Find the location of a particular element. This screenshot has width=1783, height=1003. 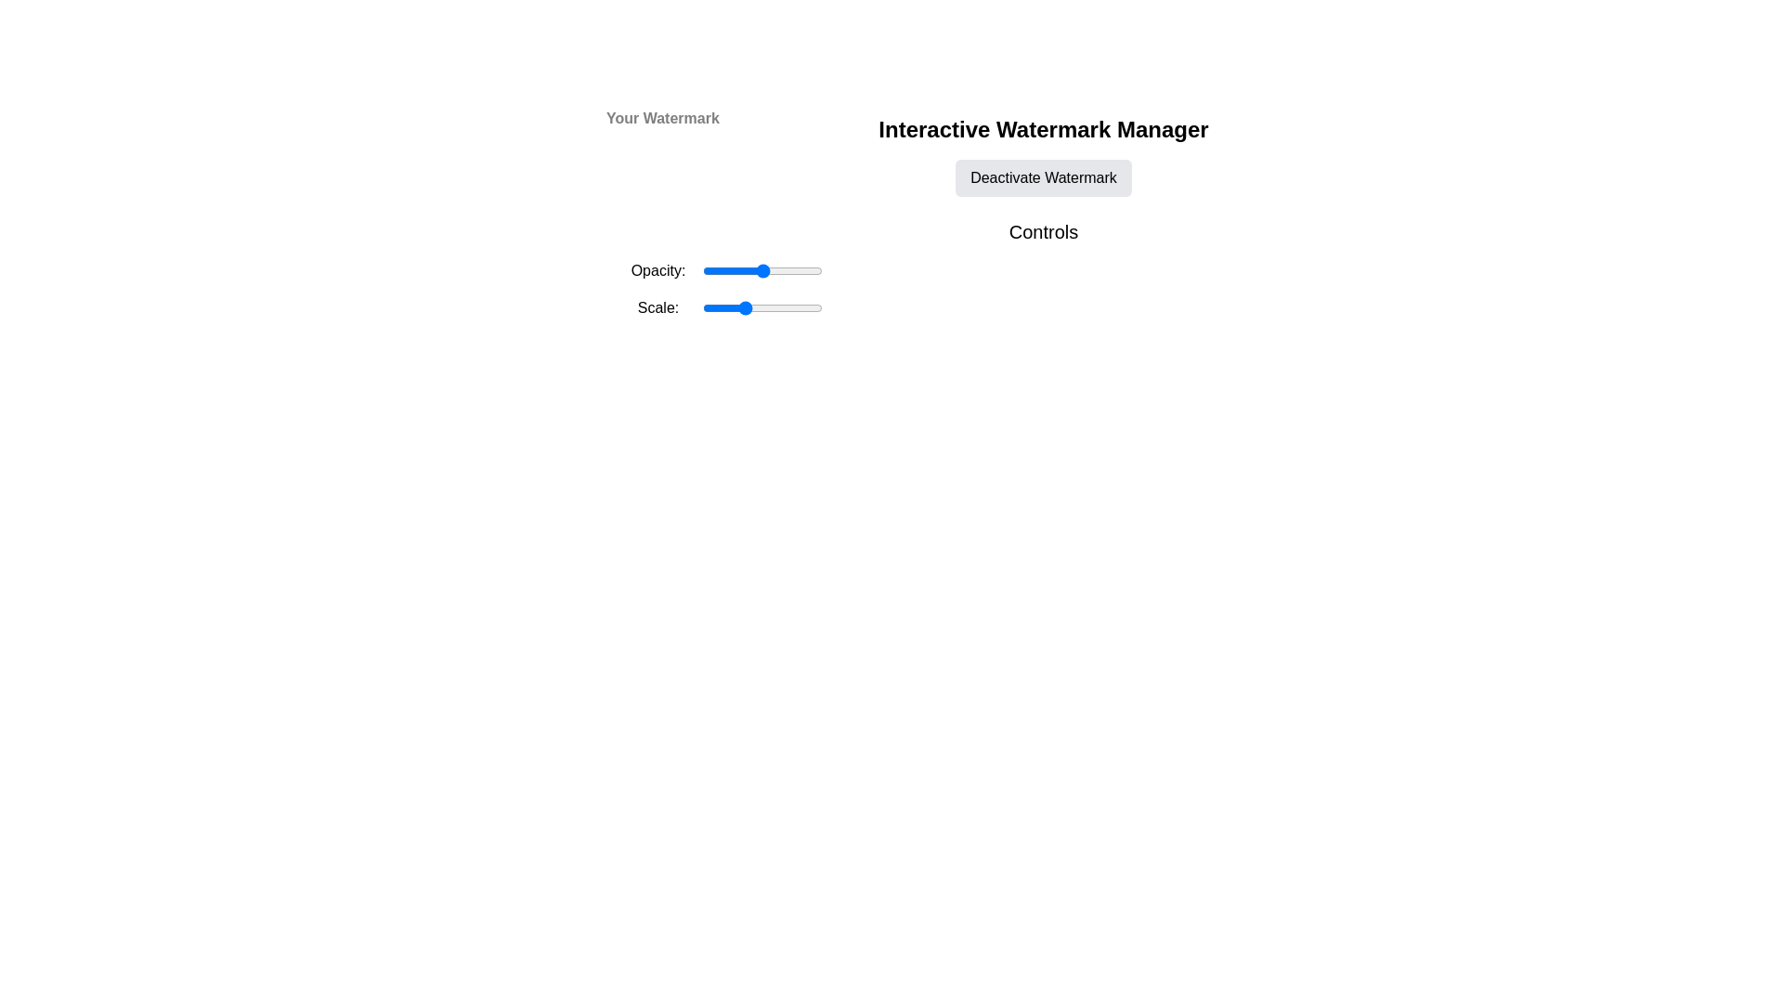

scale is located at coordinates (743, 306).